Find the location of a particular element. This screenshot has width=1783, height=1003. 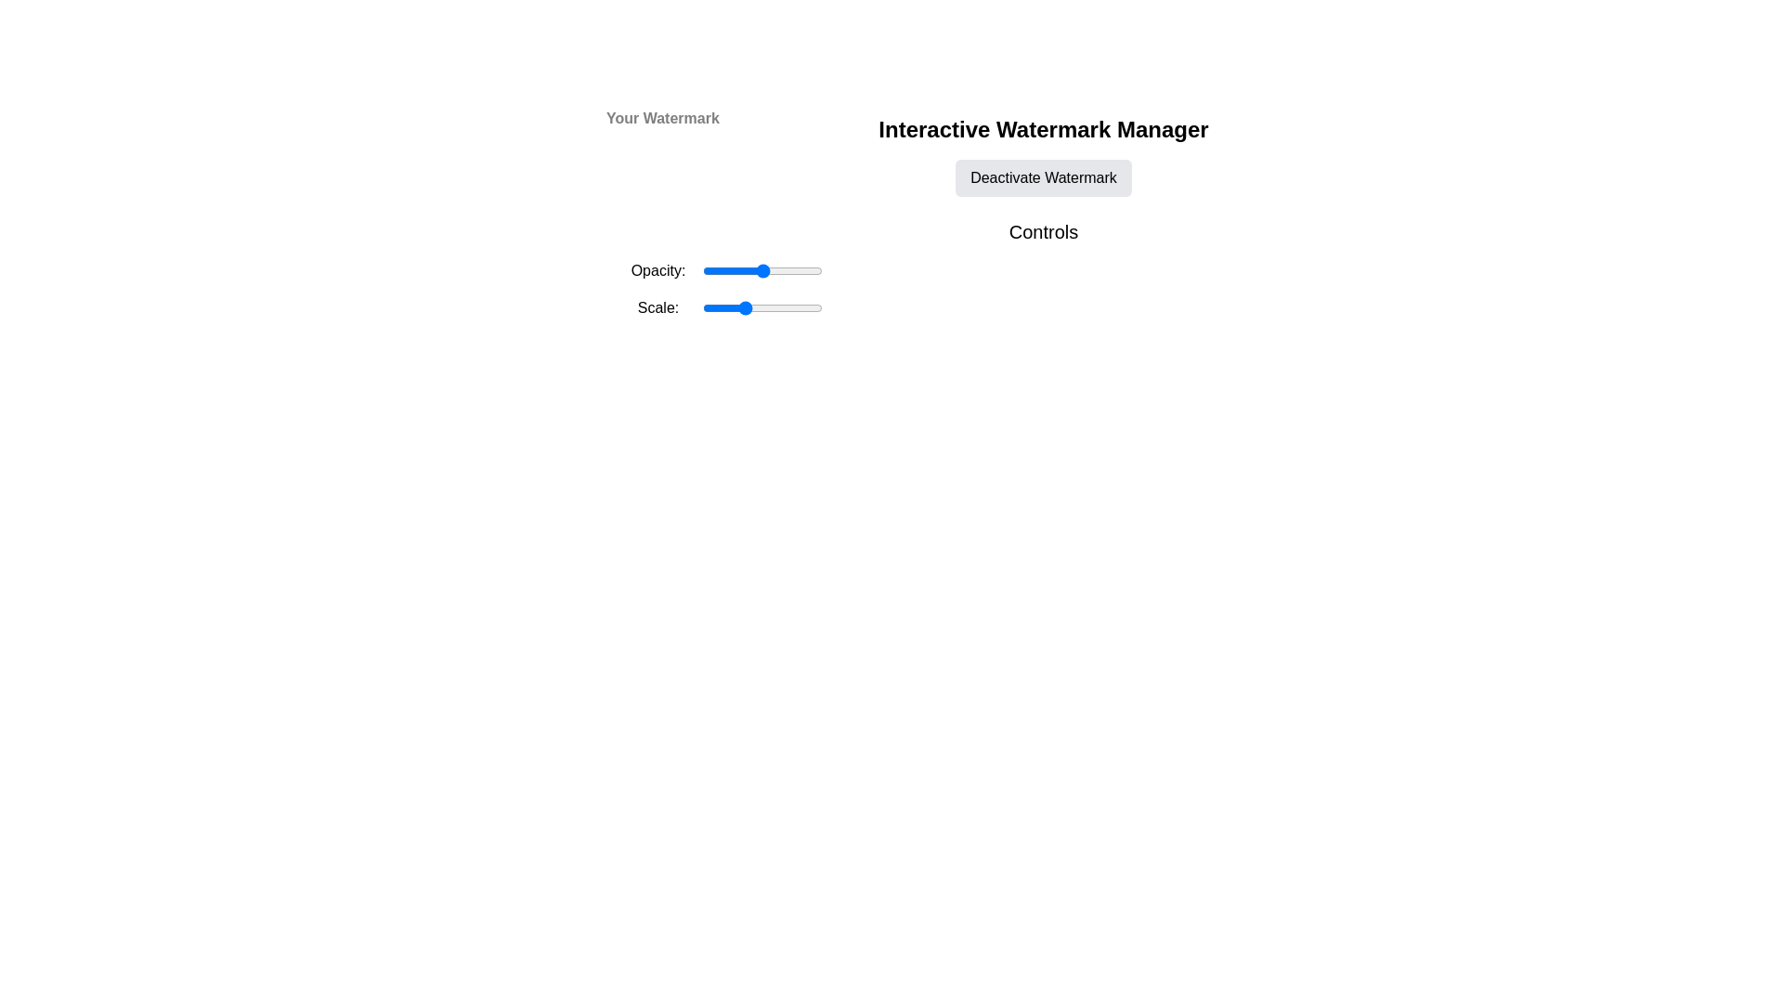

scale is located at coordinates (743, 306).